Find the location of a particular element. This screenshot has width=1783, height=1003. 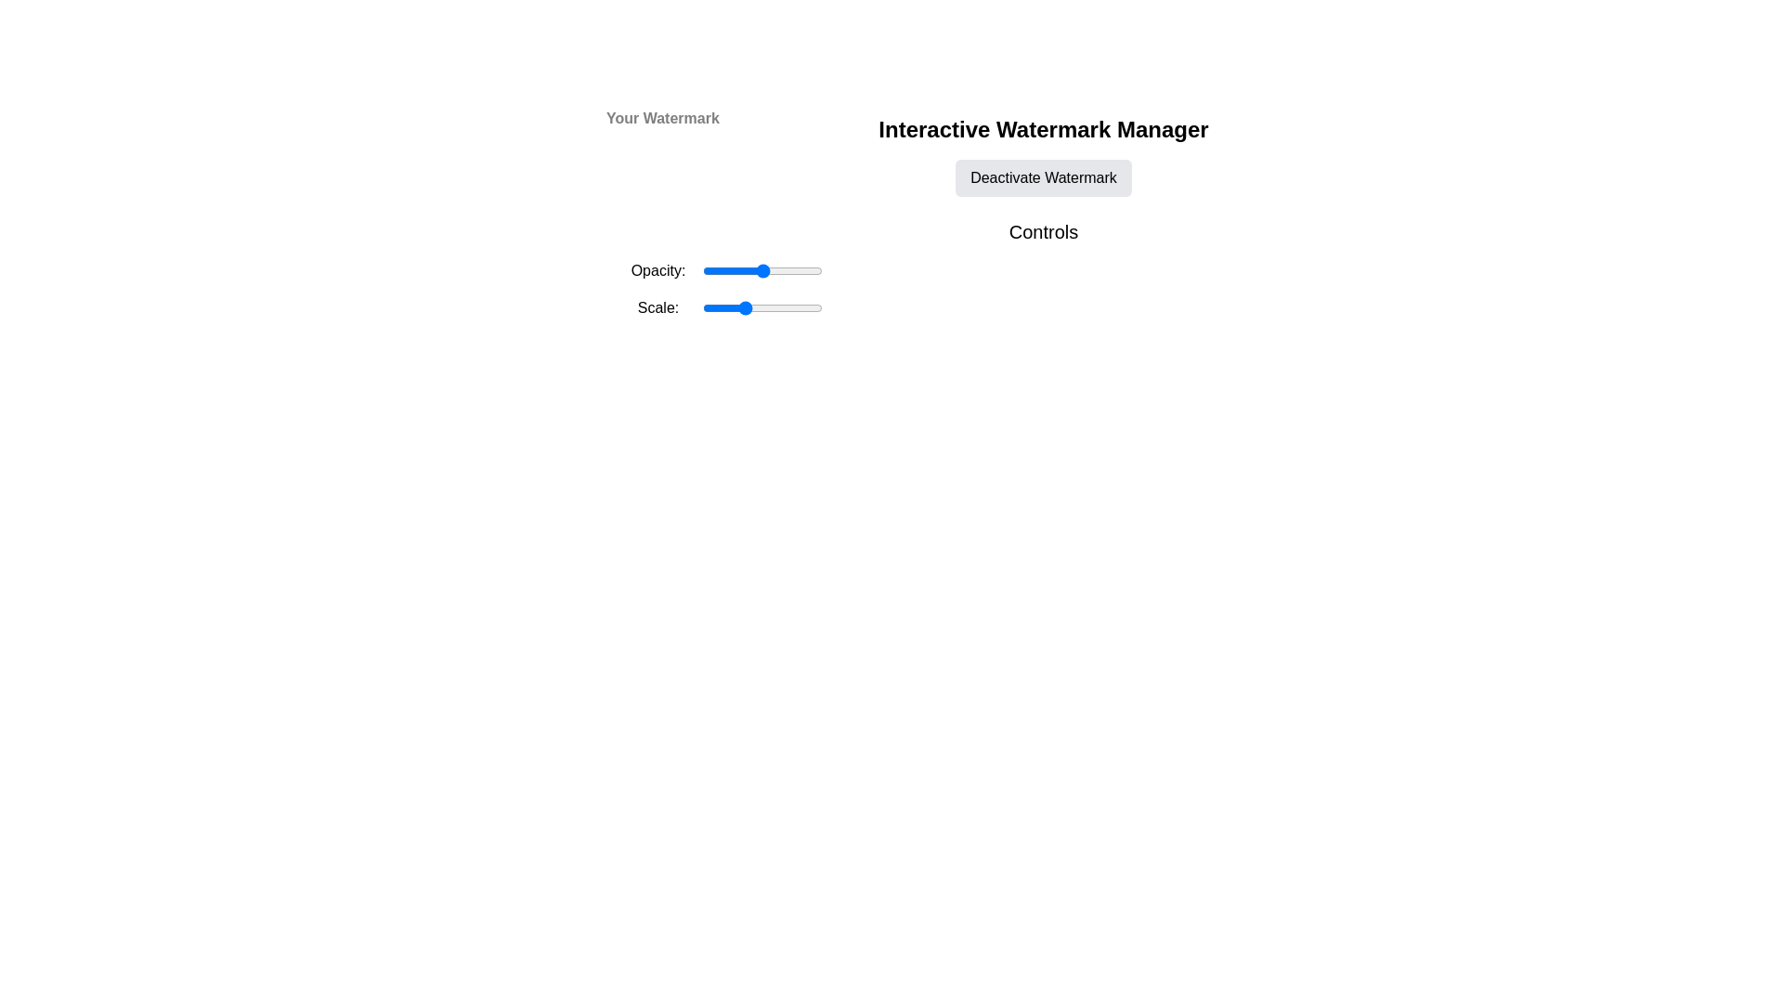

scale is located at coordinates (743, 306).